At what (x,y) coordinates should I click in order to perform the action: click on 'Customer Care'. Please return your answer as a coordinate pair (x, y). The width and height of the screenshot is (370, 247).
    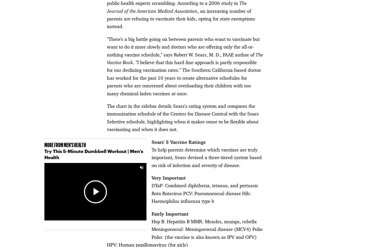
    Looking at the image, I should click on (198, 168).